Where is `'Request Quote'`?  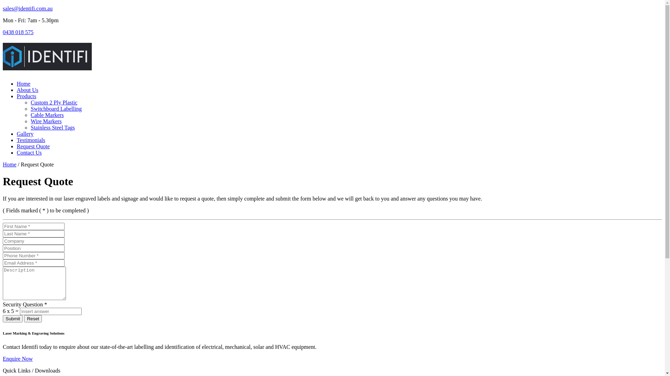
'Request Quote' is located at coordinates (17, 146).